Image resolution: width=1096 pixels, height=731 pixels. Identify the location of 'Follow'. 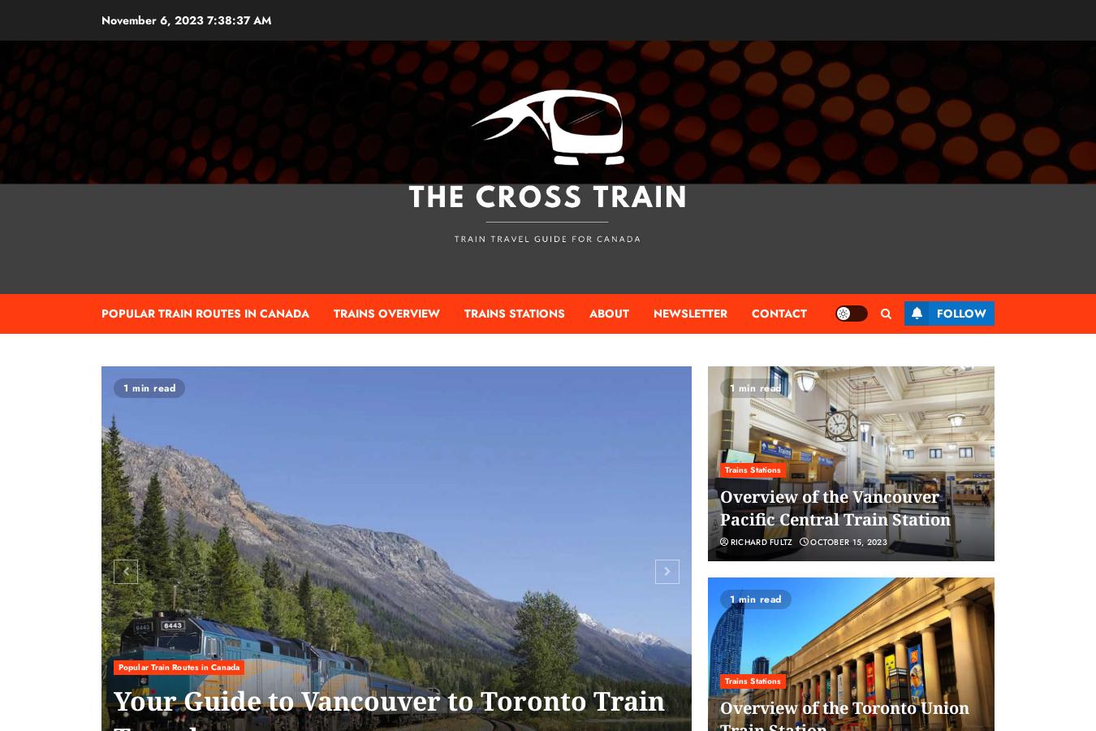
(935, 313).